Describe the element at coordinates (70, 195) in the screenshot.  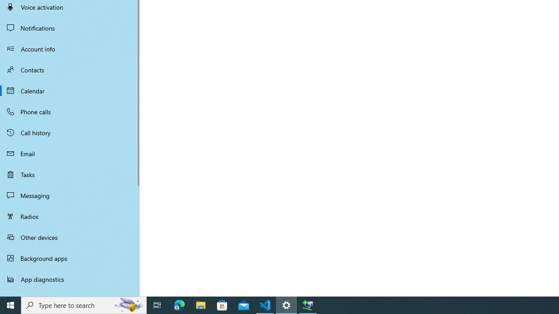
I see `'Messaging'` at that location.